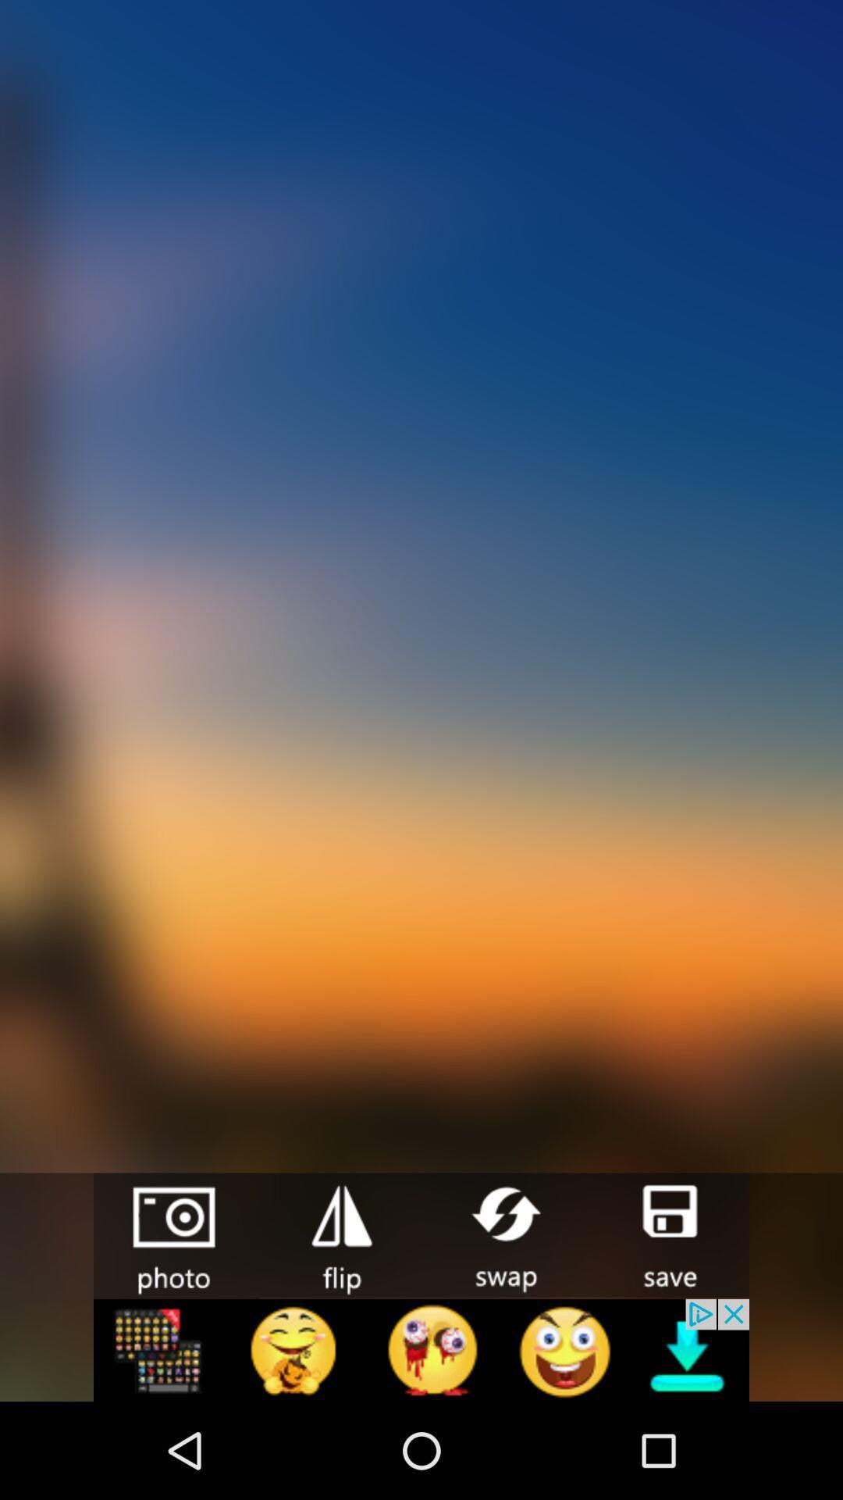  Describe the element at coordinates (421, 1349) in the screenshot. I see `advertisement` at that location.